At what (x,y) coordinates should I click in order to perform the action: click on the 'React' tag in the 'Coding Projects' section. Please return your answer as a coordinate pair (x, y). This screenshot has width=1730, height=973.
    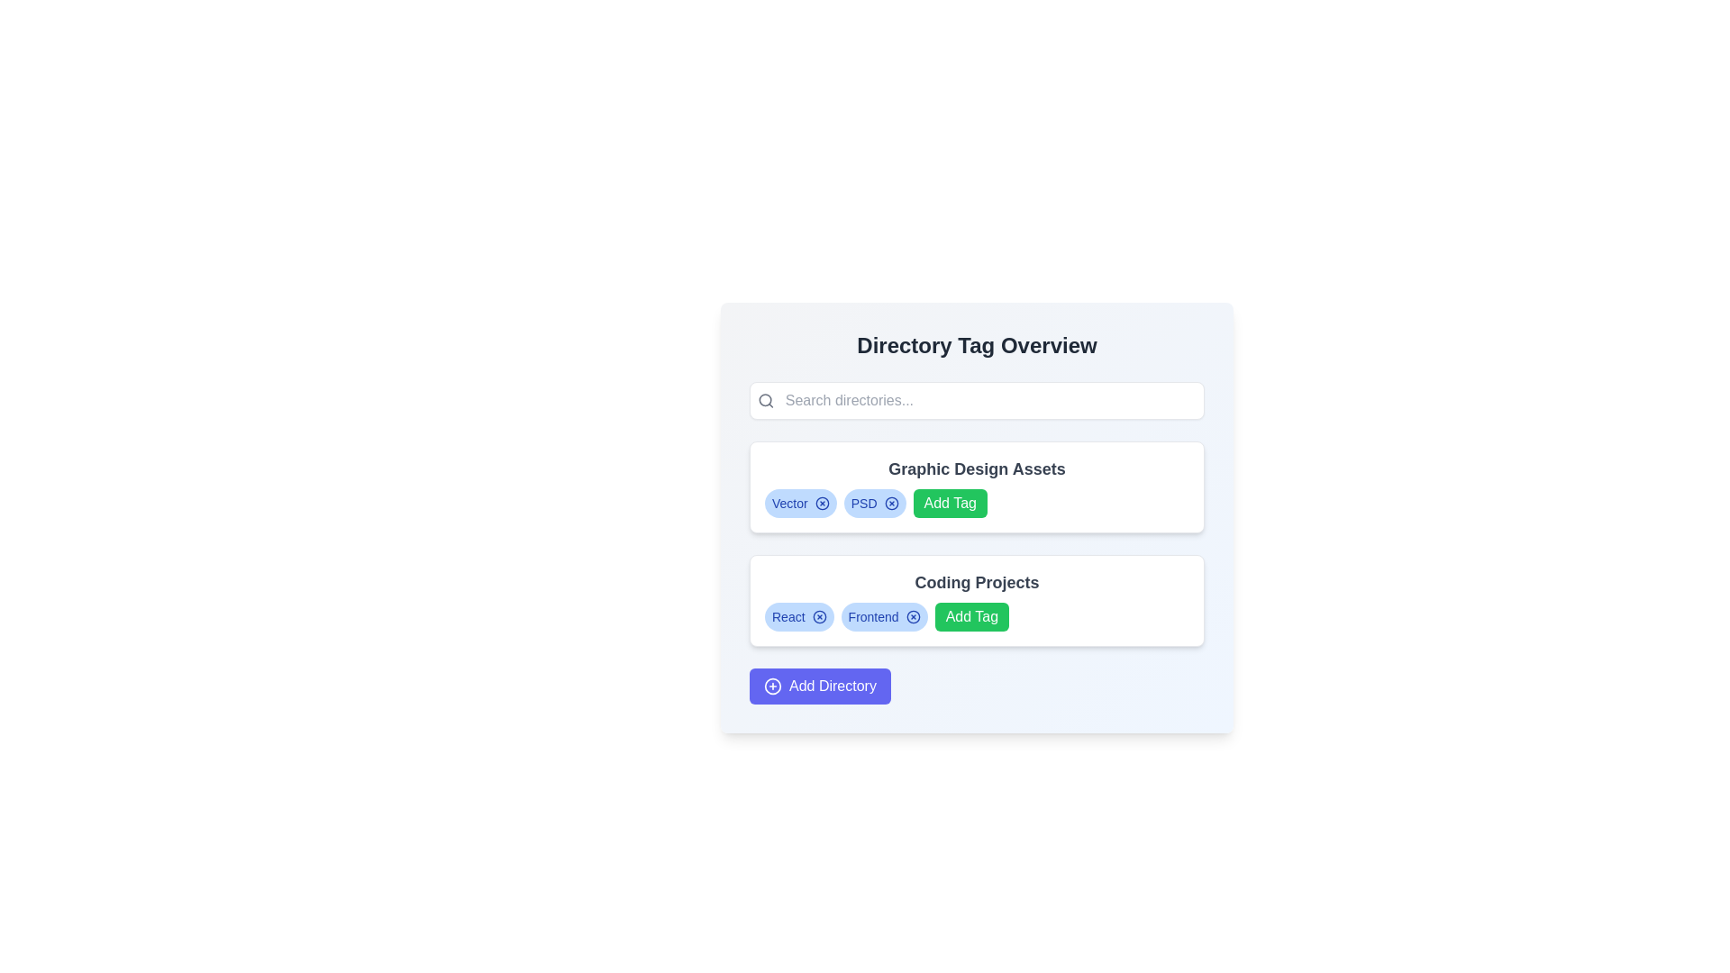
    Looking at the image, I should click on (798, 616).